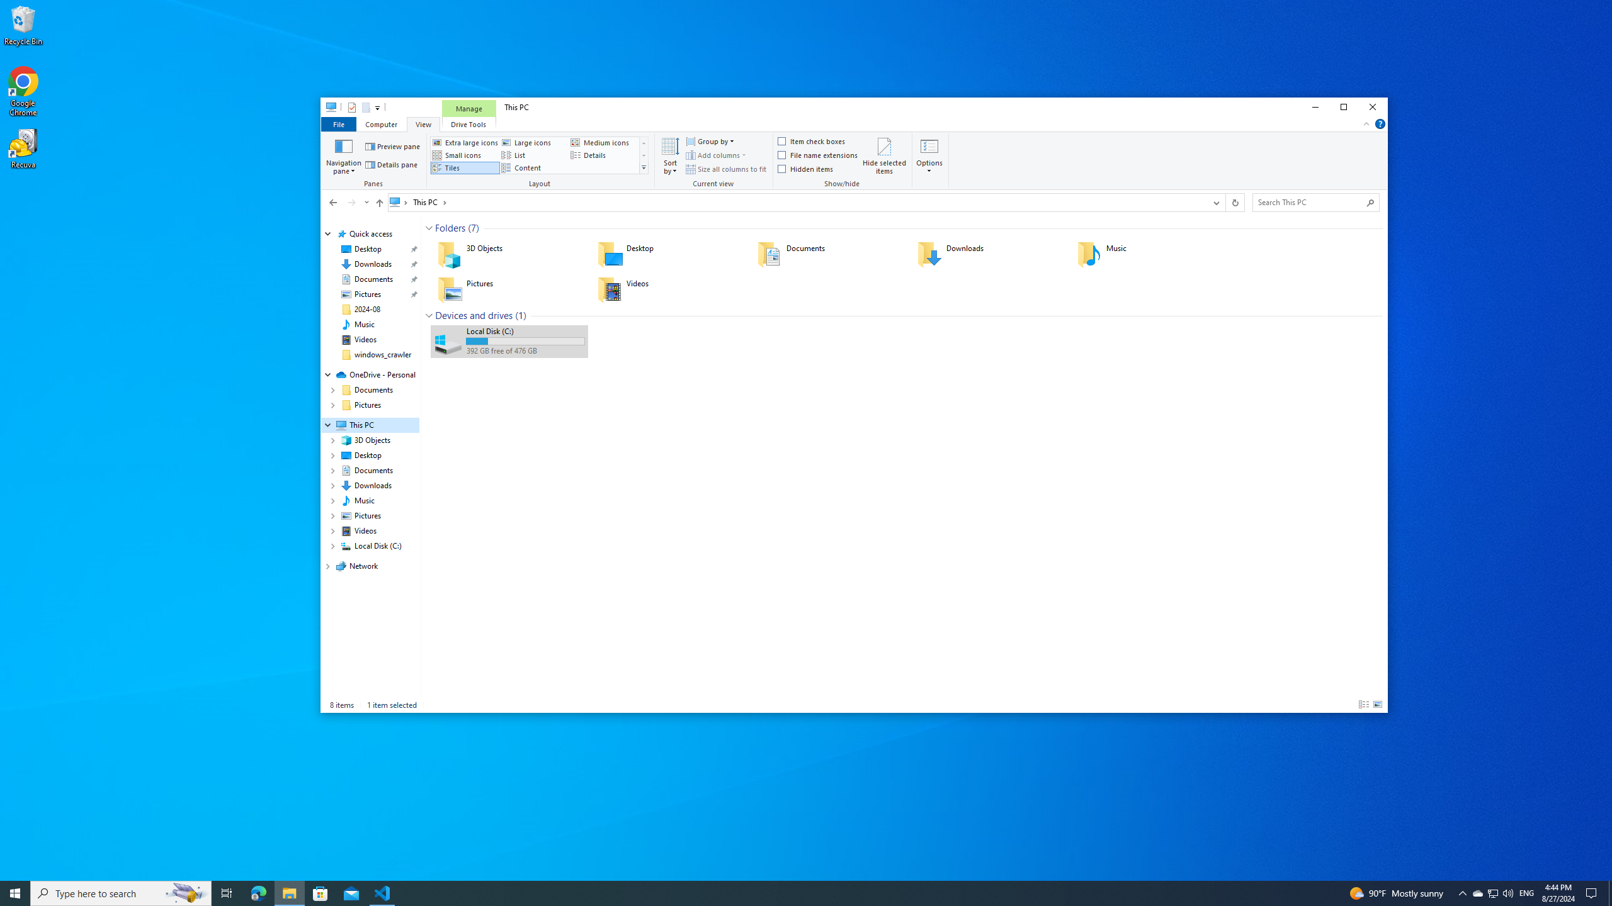 The height and width of the screenshot is (906, 1612). What do you see at coordinates (668, 253) in the screenshot?
I see `'Desktop'` at bounding box center [668, 253].